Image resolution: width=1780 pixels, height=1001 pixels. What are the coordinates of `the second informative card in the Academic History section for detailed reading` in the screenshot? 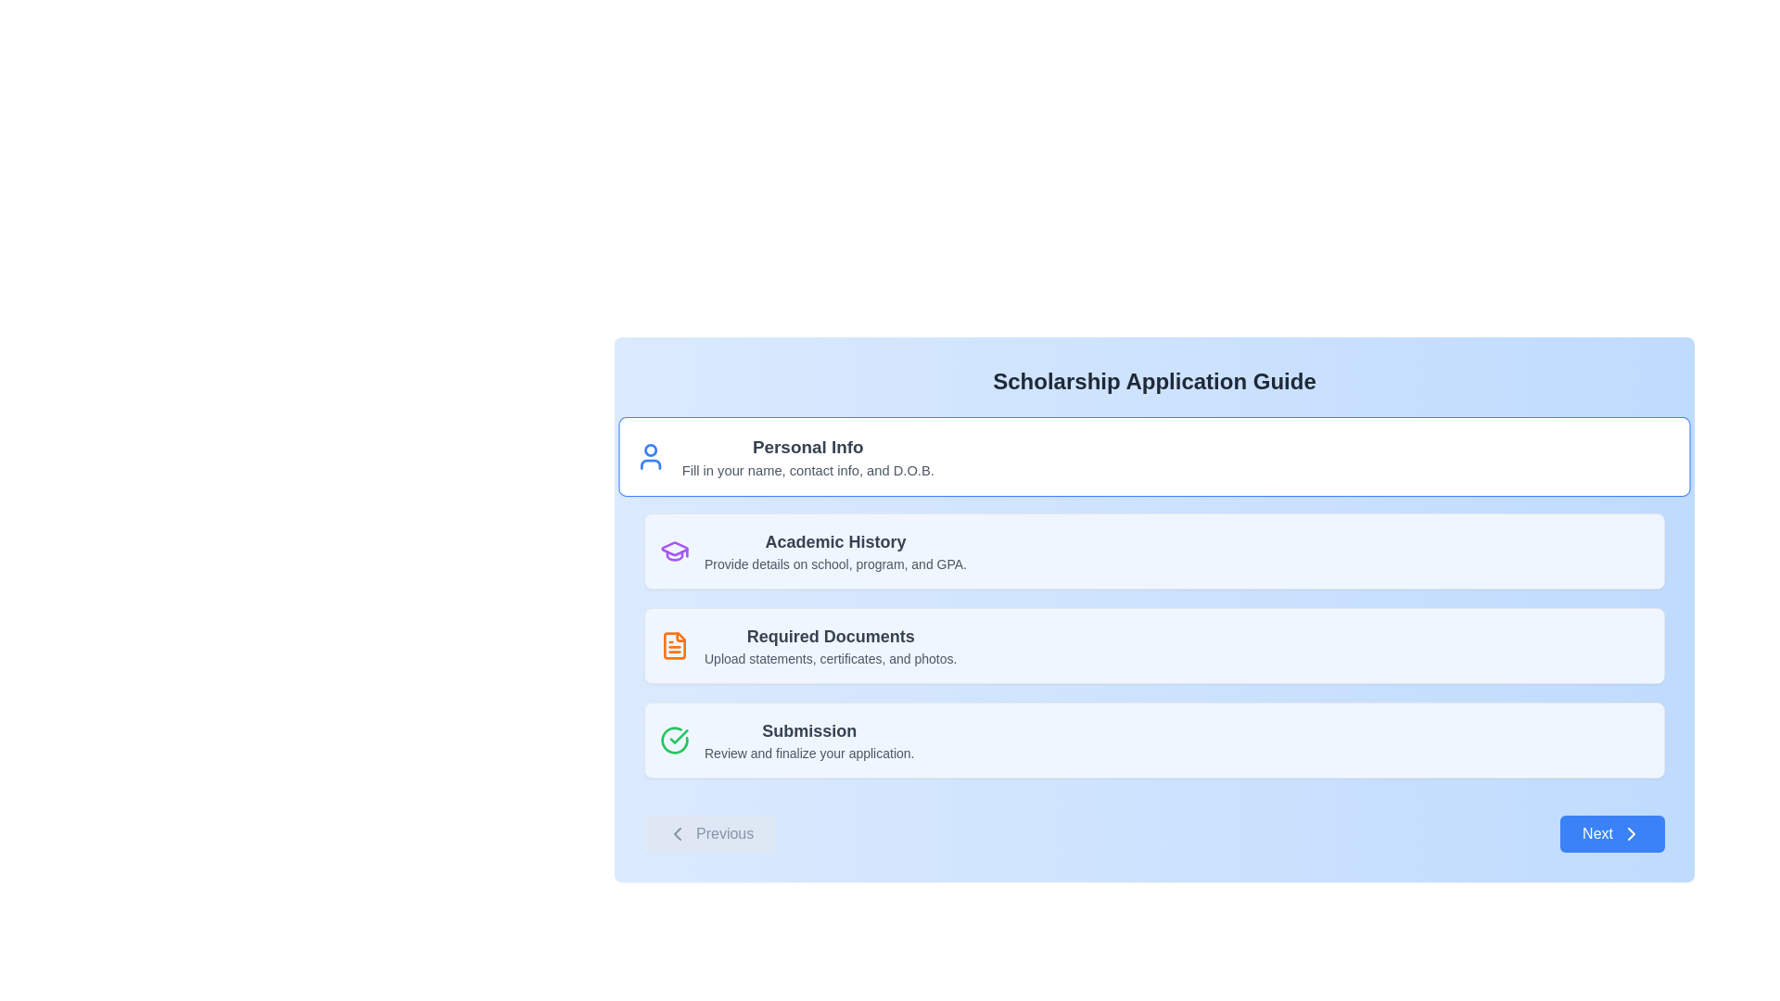 It's located at (1153, 550).